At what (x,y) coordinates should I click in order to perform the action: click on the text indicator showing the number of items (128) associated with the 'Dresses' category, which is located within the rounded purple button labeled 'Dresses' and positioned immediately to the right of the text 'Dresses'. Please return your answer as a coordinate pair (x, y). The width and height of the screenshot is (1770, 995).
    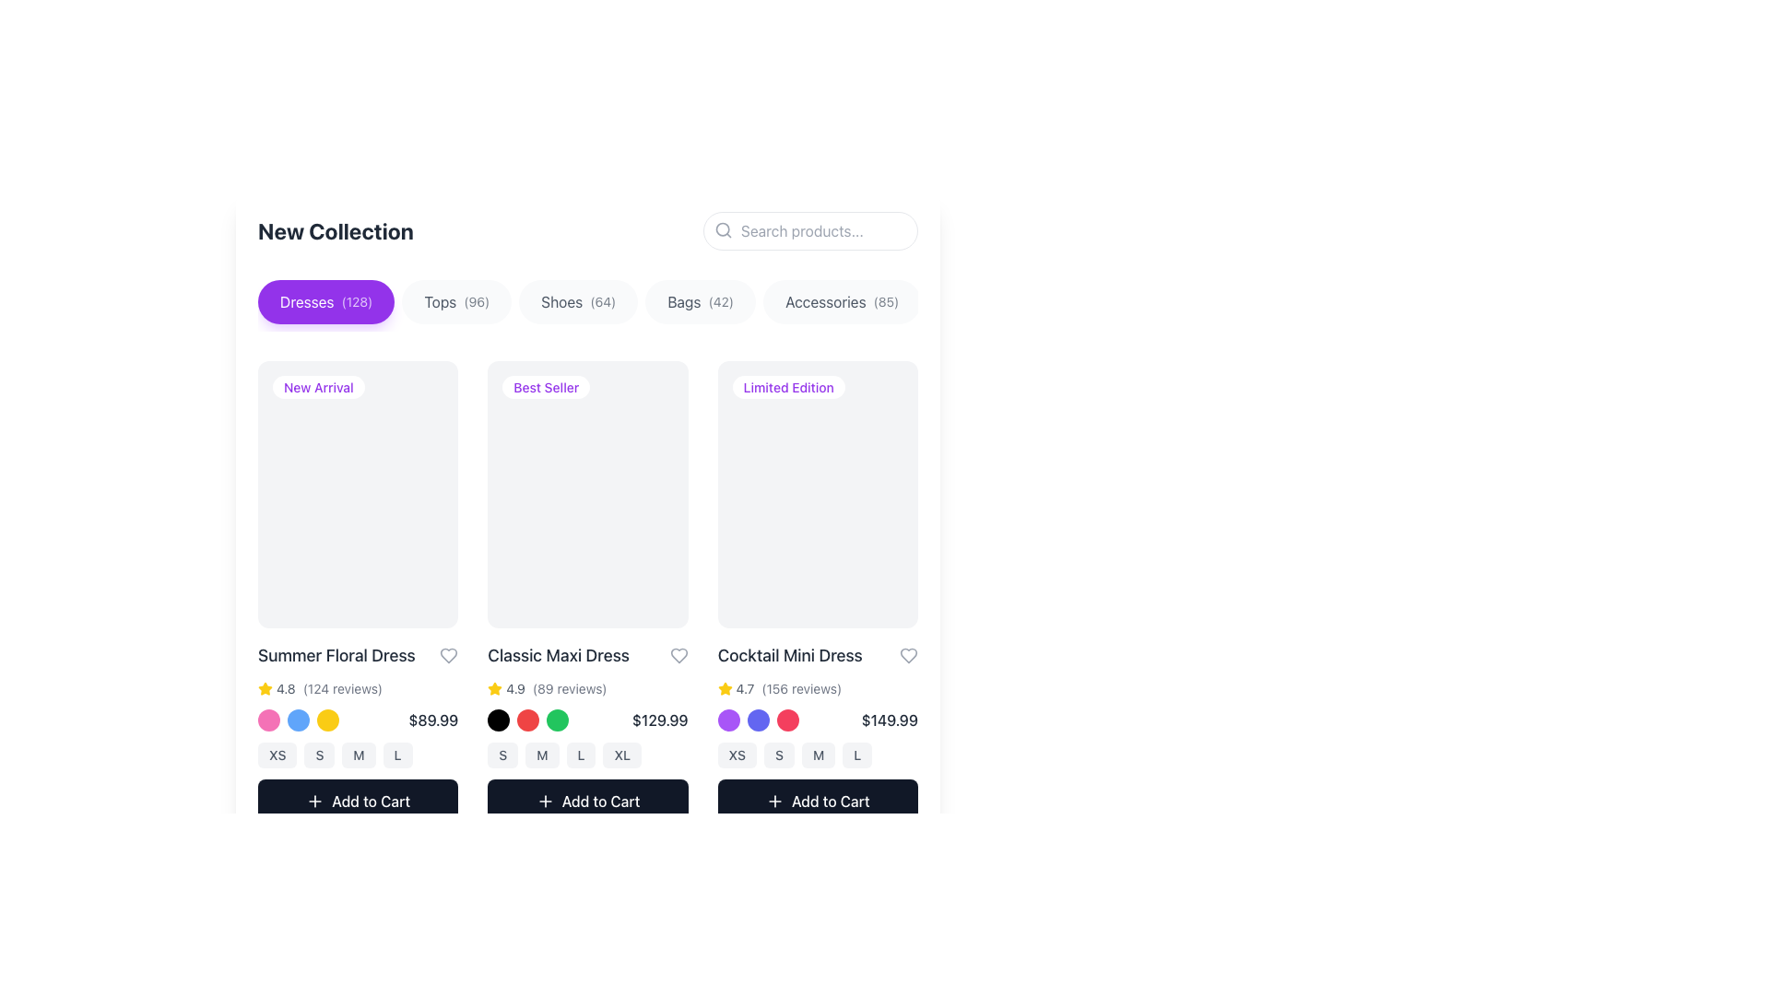
    Looking at the image, I should click on (357, 300).